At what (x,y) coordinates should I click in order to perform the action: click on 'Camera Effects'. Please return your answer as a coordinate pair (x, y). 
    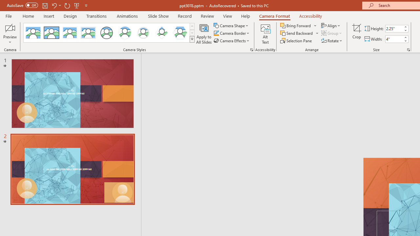
    Looking at the image, I should click on (232, 41).